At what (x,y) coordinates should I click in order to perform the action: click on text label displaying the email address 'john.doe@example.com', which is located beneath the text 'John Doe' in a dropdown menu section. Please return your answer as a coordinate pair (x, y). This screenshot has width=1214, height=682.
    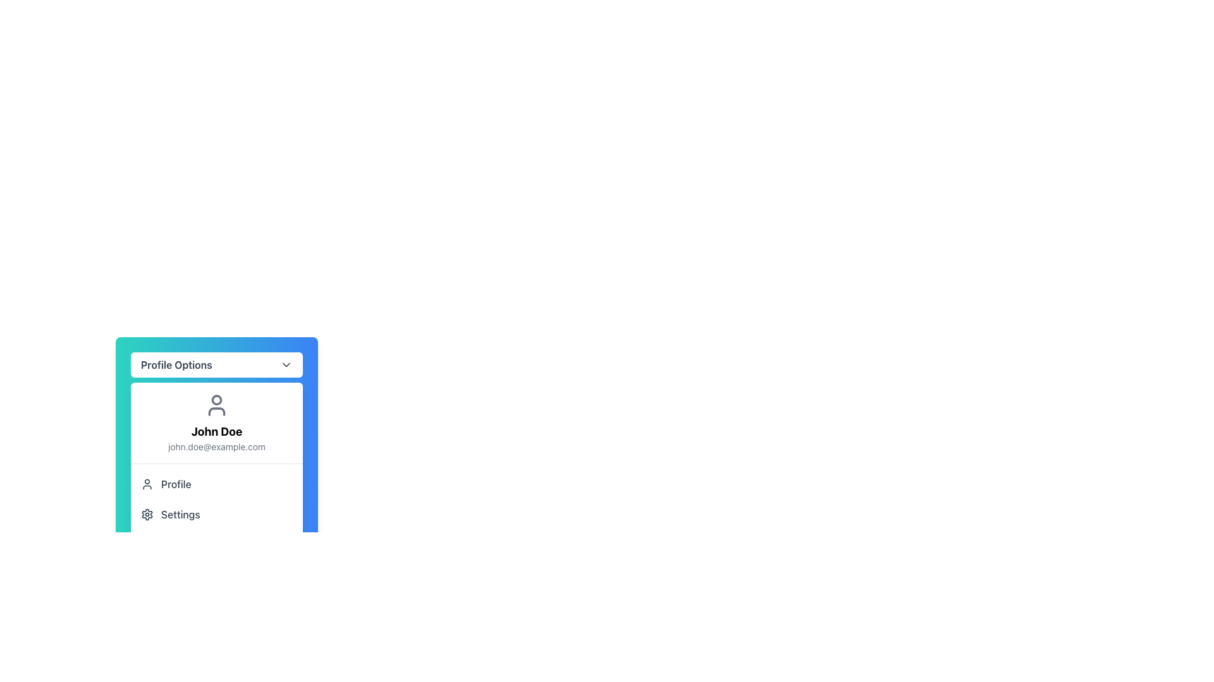
    Looking at the image, I should click on (216, 446).